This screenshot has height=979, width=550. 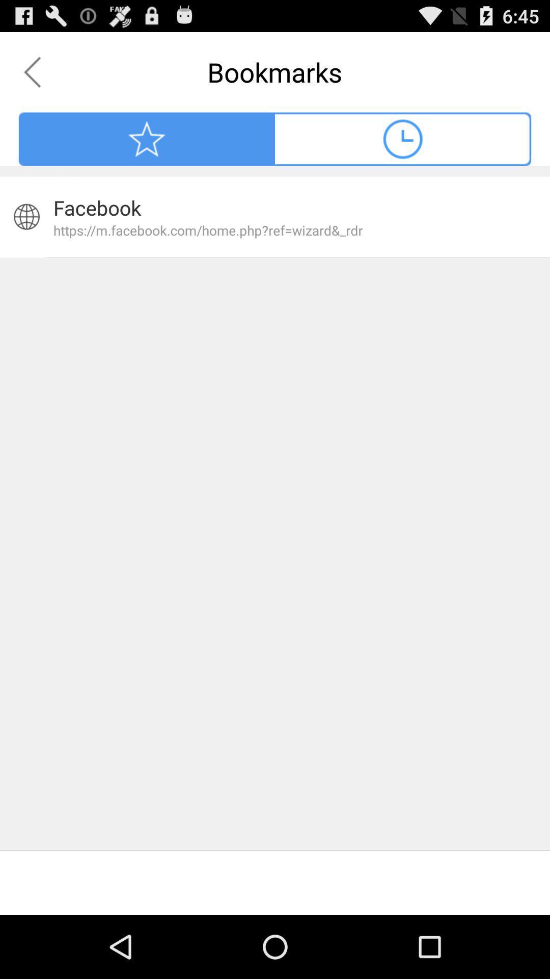 What do you see at coordinates (31, 76) in the screenshot?
I see `the arrow_backward icon` at bounding box center [31, 76].